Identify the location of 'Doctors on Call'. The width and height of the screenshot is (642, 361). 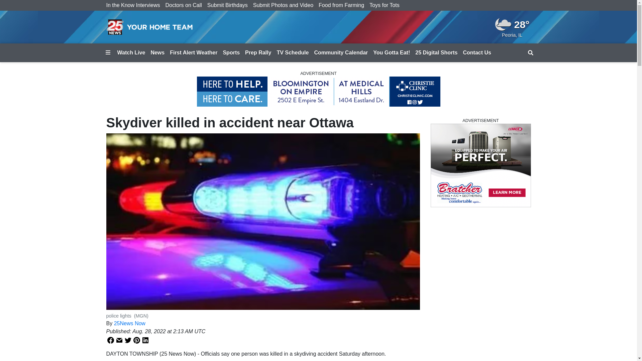
(183, 5).